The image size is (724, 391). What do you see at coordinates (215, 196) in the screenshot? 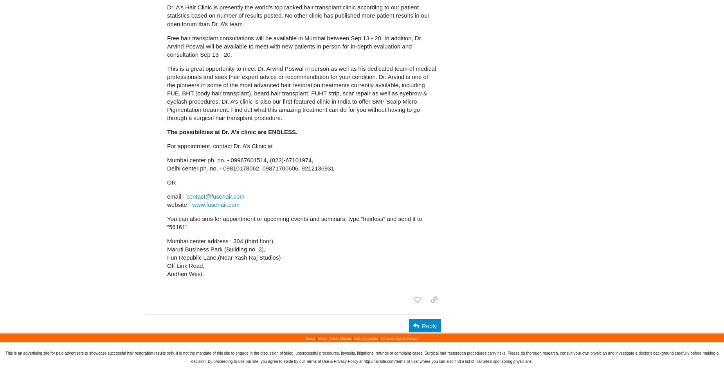
I see `'contact@fusehair.com'` at bounding box center [215, 196].